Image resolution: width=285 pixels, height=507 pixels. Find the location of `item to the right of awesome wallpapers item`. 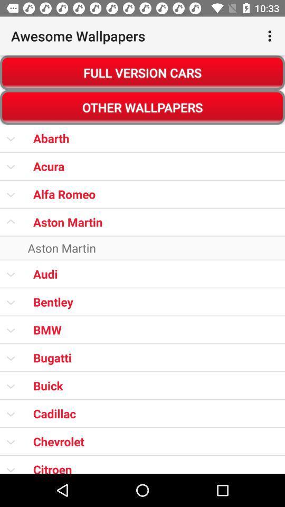

item to the right of awesome wallpapers item is located at coordinates (271, 36).